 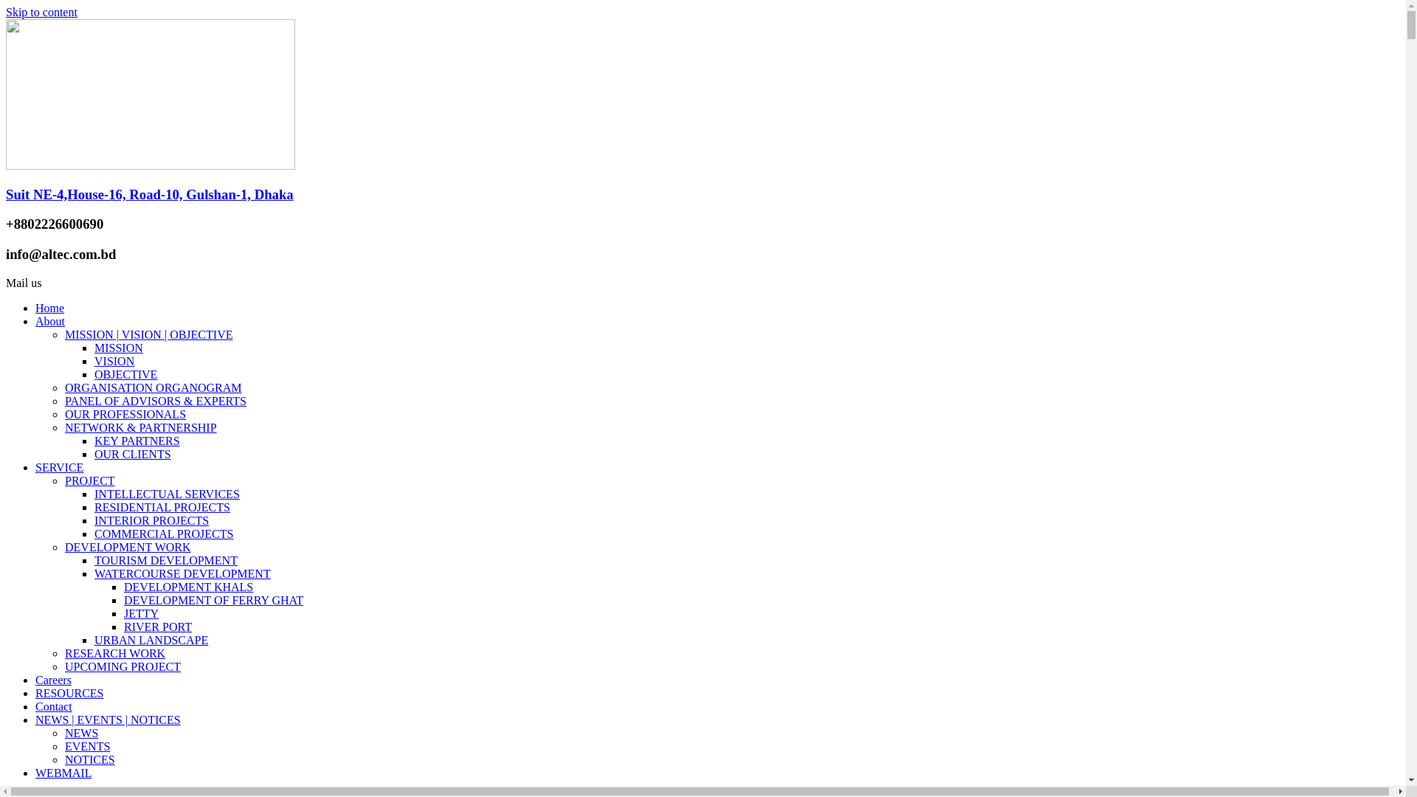 I want to click on 'DEVELOPMENT WORK', so click(x=128, y=547).